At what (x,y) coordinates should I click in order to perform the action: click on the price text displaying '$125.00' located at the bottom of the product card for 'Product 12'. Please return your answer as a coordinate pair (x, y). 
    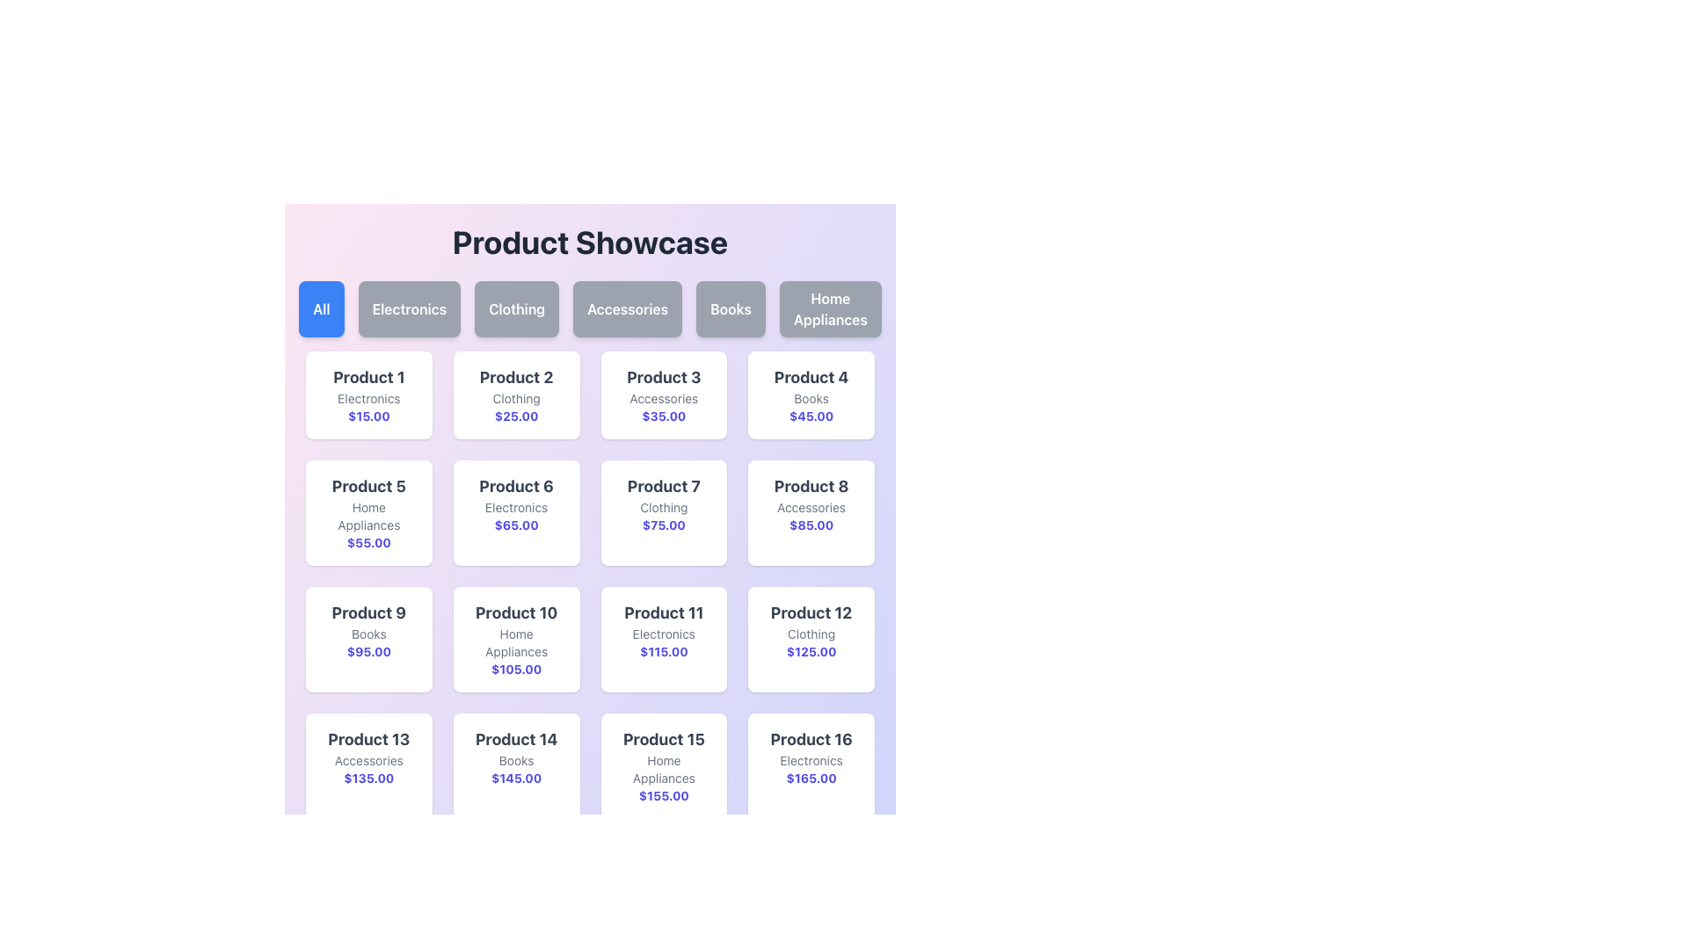
    Looking at the image, I should click on (811, 651).